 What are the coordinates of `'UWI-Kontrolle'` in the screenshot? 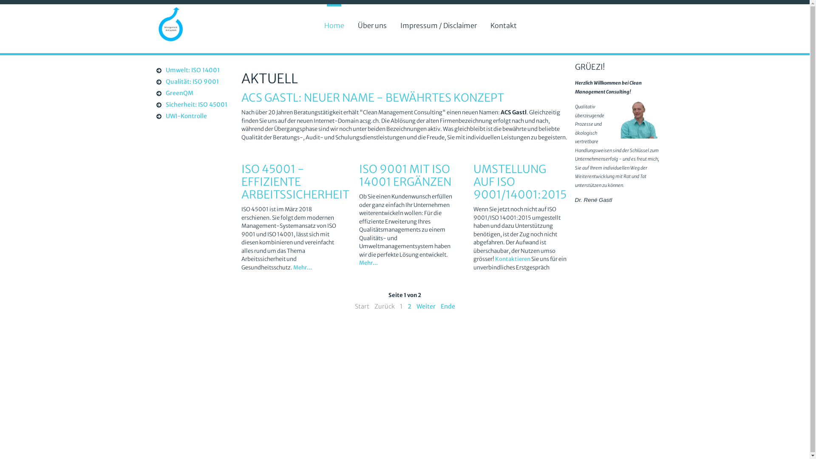 It's located at (192, 116).